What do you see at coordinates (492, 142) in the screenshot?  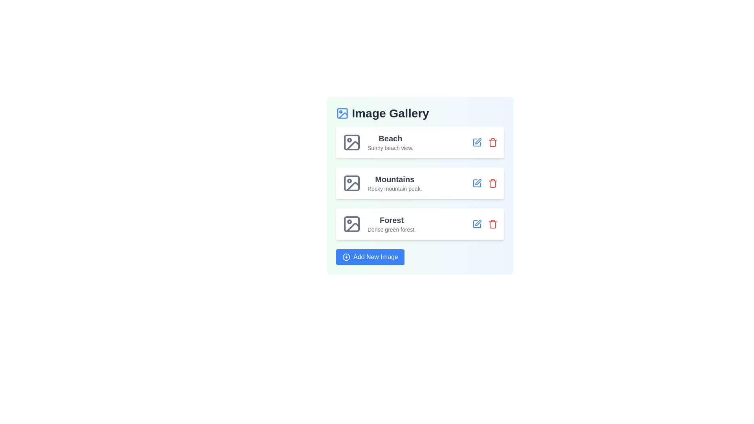 I see `delete button for the image with title Beach to remove it from the gallery` at bounding box center [492, 142].